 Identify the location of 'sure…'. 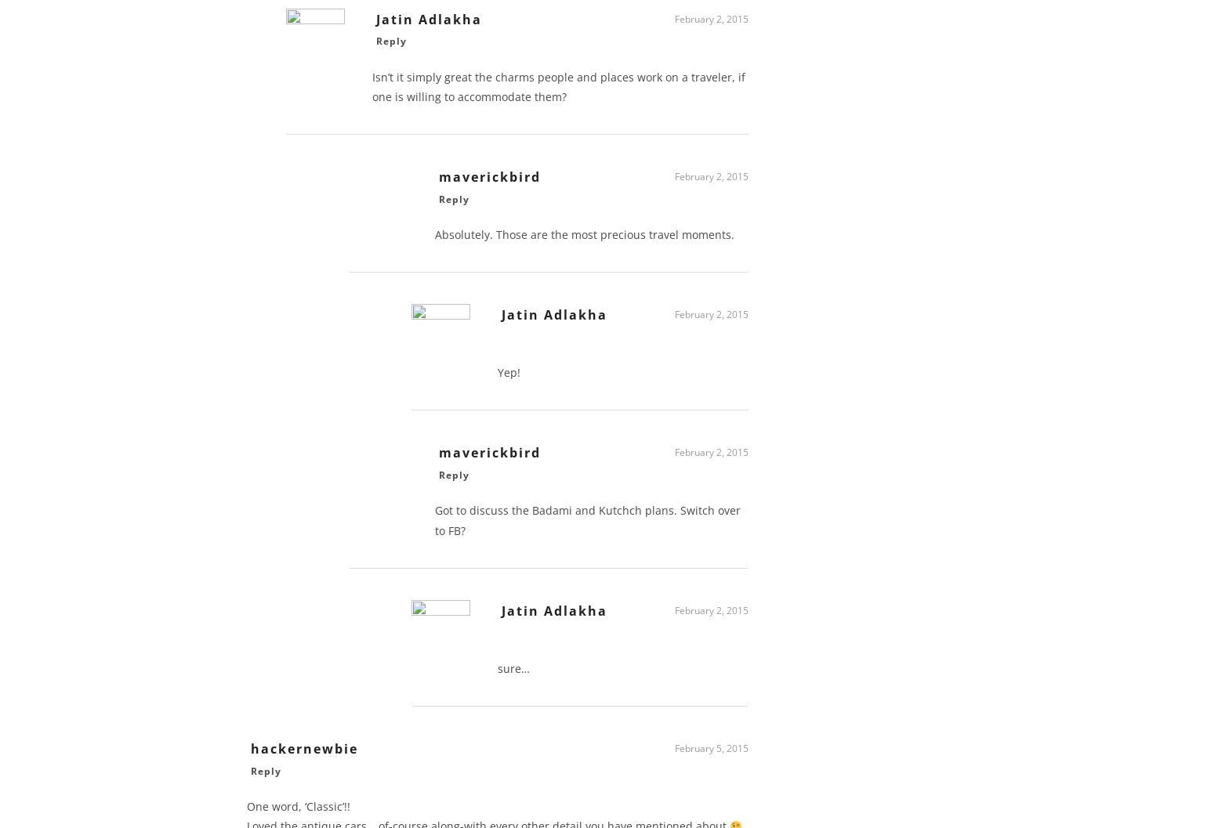
(513, 673).